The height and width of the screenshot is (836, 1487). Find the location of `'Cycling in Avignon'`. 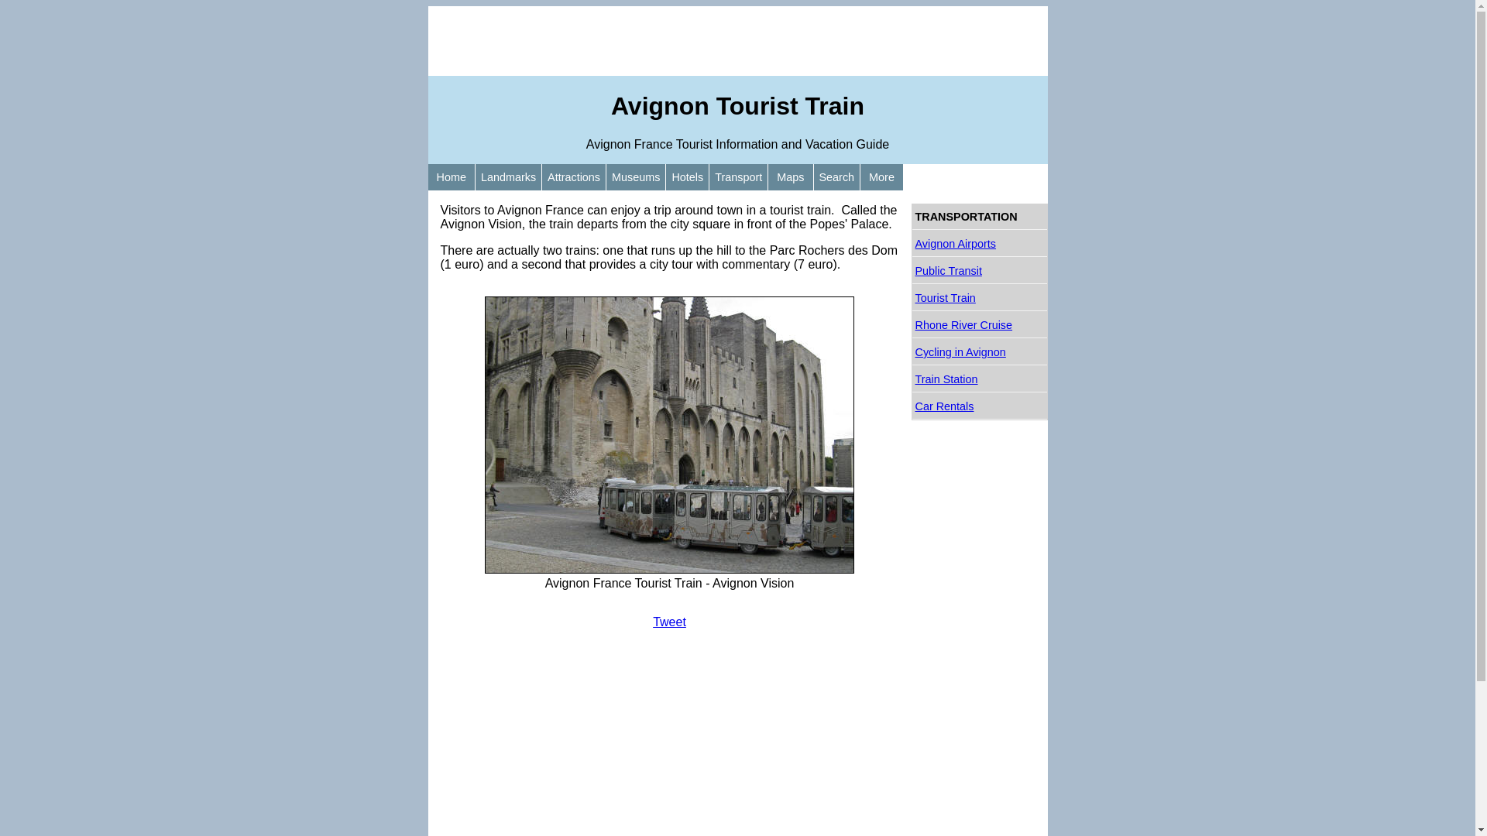

'Cycling in Avignon' is located at coordinates (912, 352).